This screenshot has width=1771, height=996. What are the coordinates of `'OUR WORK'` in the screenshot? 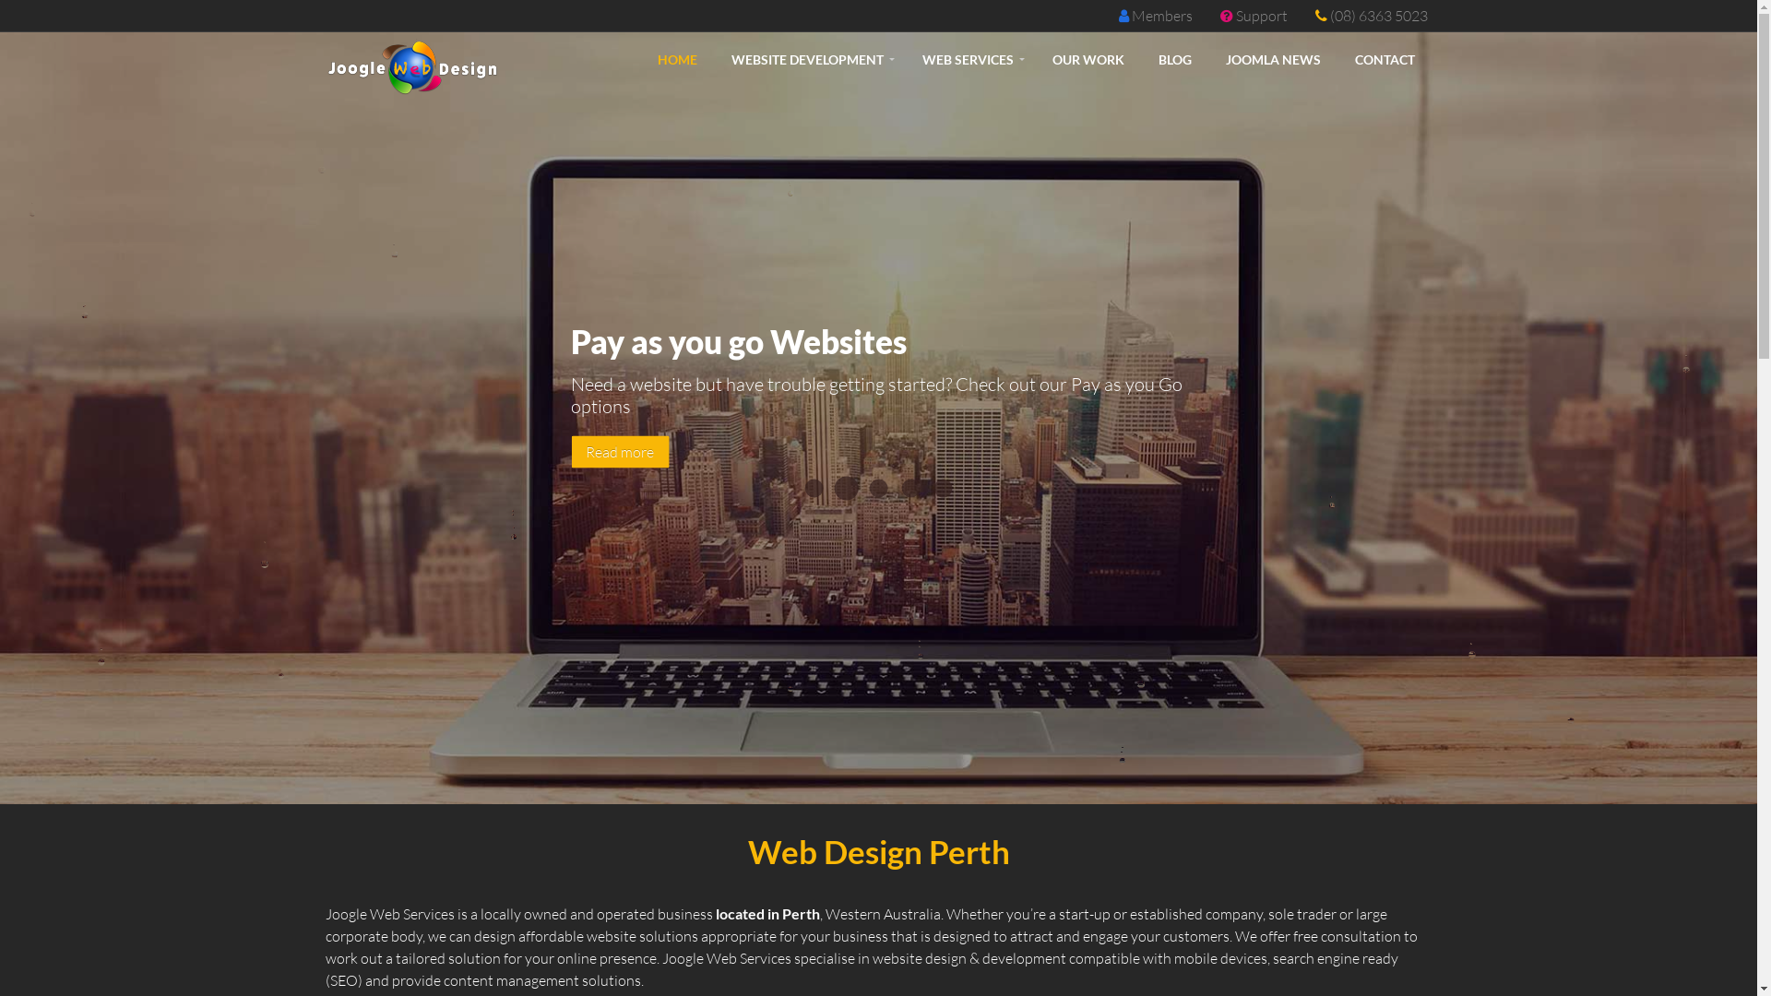 It's located at (1088, 59).